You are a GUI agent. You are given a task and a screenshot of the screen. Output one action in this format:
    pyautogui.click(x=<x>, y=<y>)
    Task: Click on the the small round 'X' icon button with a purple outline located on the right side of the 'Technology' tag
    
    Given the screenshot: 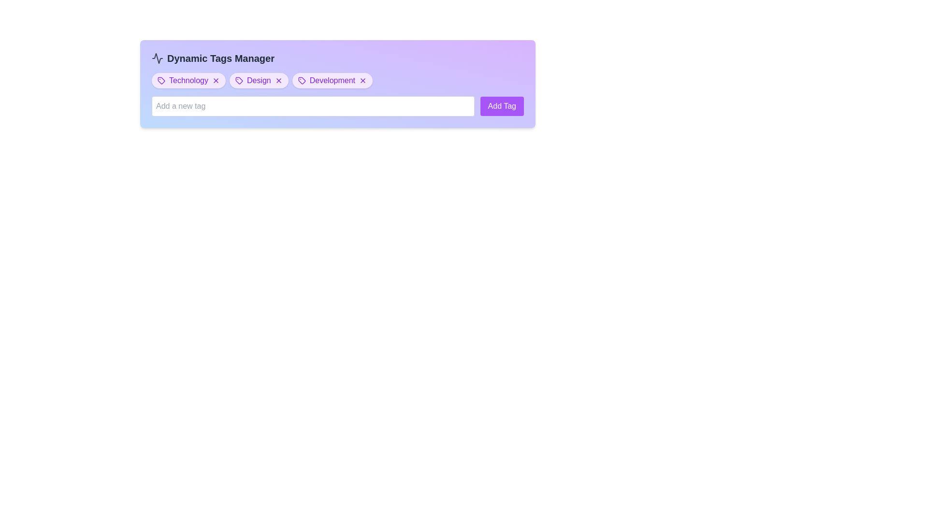 What is the action you would take?
    pyautogui.click(x=215, y=80)
    